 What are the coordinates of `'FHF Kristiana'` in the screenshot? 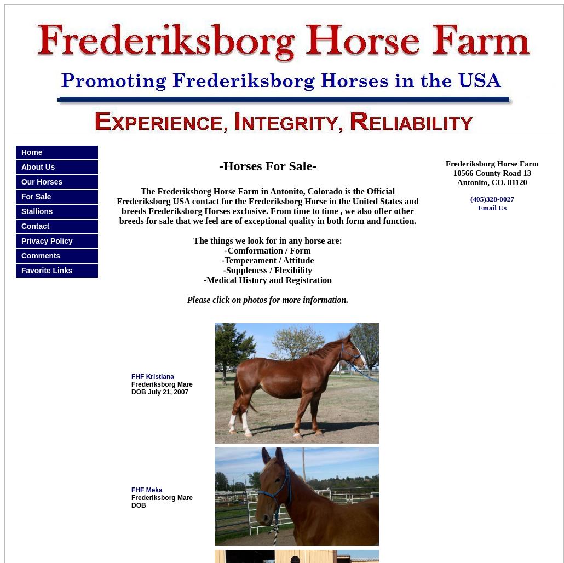 It's located at (152, 376).